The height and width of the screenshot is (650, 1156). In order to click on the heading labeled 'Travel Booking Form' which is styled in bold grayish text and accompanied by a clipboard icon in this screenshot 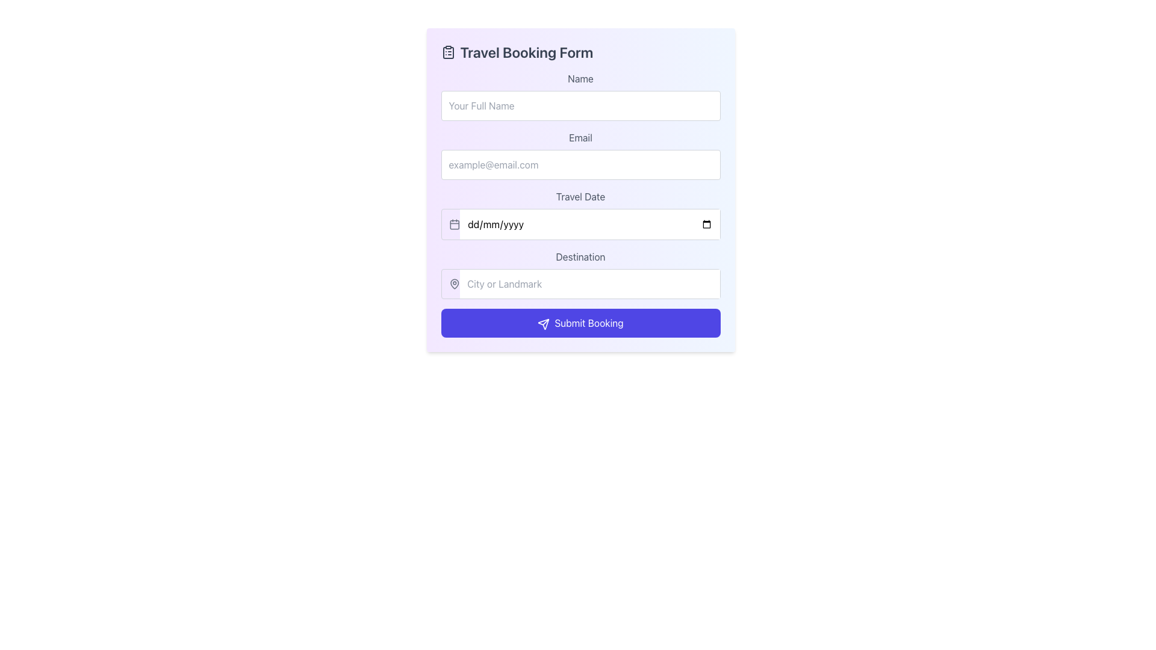, I will do `click(580, 52)`.